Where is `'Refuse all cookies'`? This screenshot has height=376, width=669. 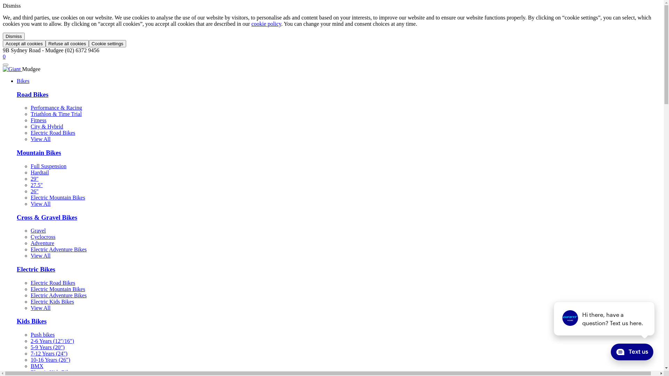
'Refuse all cookies' is located at coordinates (67, 44).